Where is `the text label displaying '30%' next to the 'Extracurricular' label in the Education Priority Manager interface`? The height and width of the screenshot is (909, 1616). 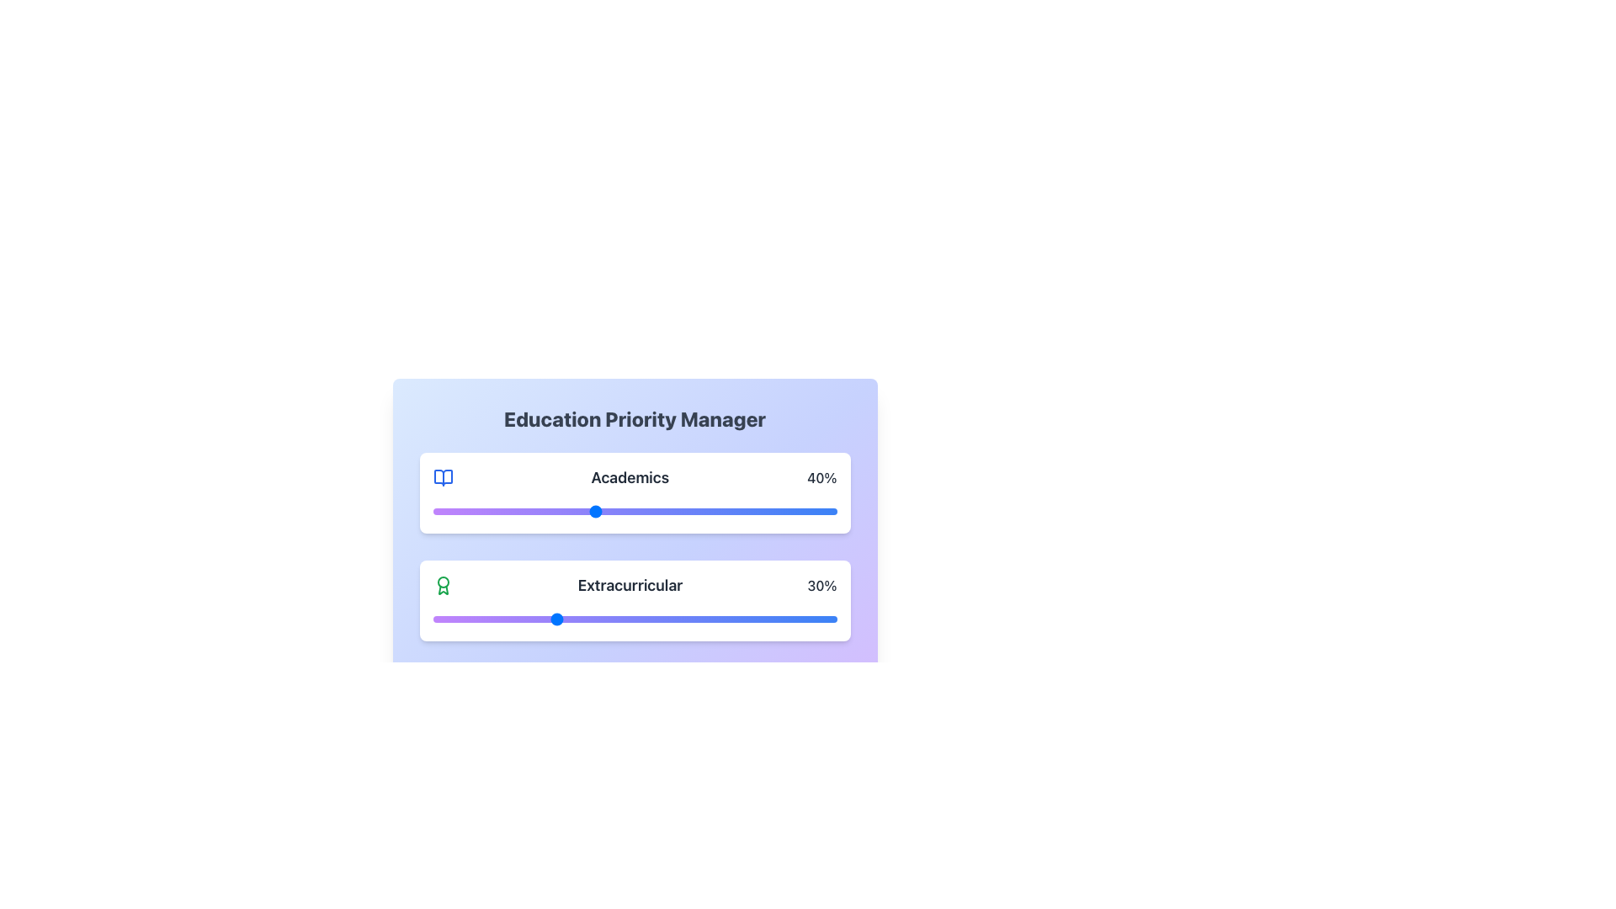 the text label displaying '30%' next to the 'Extracurricular' label in the Education Priority Manager interface is located at coordinates (821, 584).